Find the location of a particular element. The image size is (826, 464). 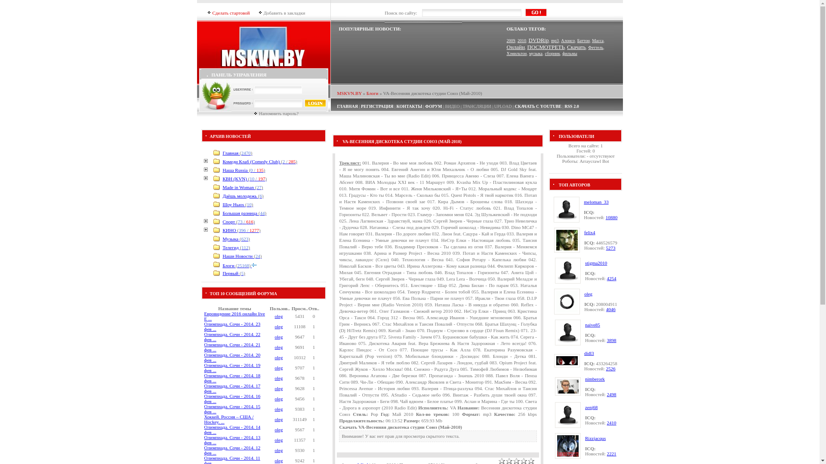

'meloman_33' is located at coordinates (595, 202).